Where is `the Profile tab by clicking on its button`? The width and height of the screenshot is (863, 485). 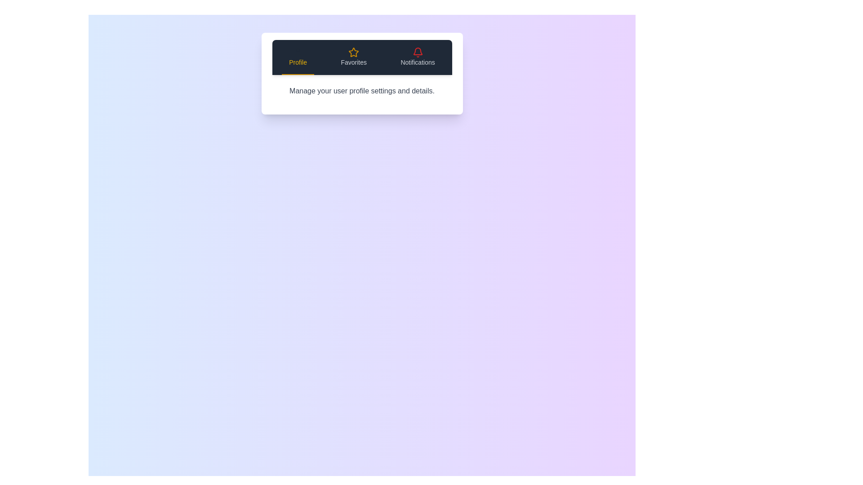
the Profile tab by clicking on its button is located at coordinates (298, 57).